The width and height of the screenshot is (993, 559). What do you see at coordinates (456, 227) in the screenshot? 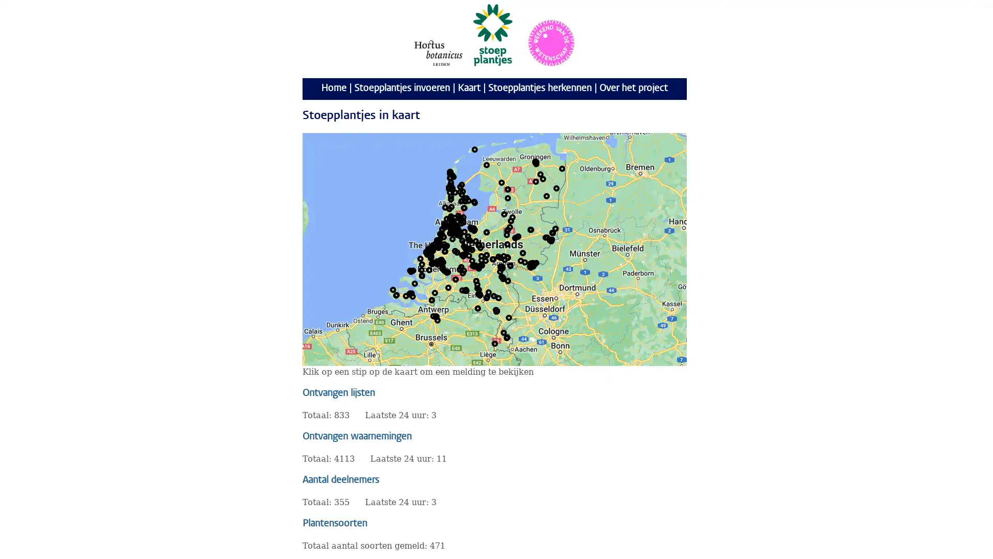
I see `Telling van Tuinwolfsmelk op 31 oktober 2021` at bounding box center [456, 227].